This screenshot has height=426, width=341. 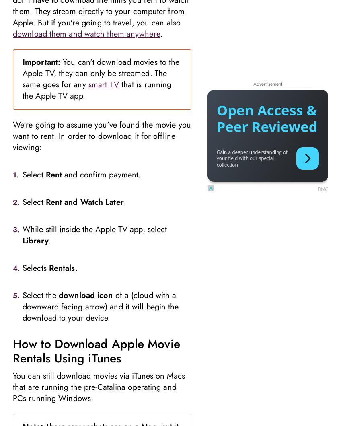 What do you see at coordinates (97, 90) in the screenshot?
I see `'that is running the Apple TV app.'` at bounding box center [97, 90].